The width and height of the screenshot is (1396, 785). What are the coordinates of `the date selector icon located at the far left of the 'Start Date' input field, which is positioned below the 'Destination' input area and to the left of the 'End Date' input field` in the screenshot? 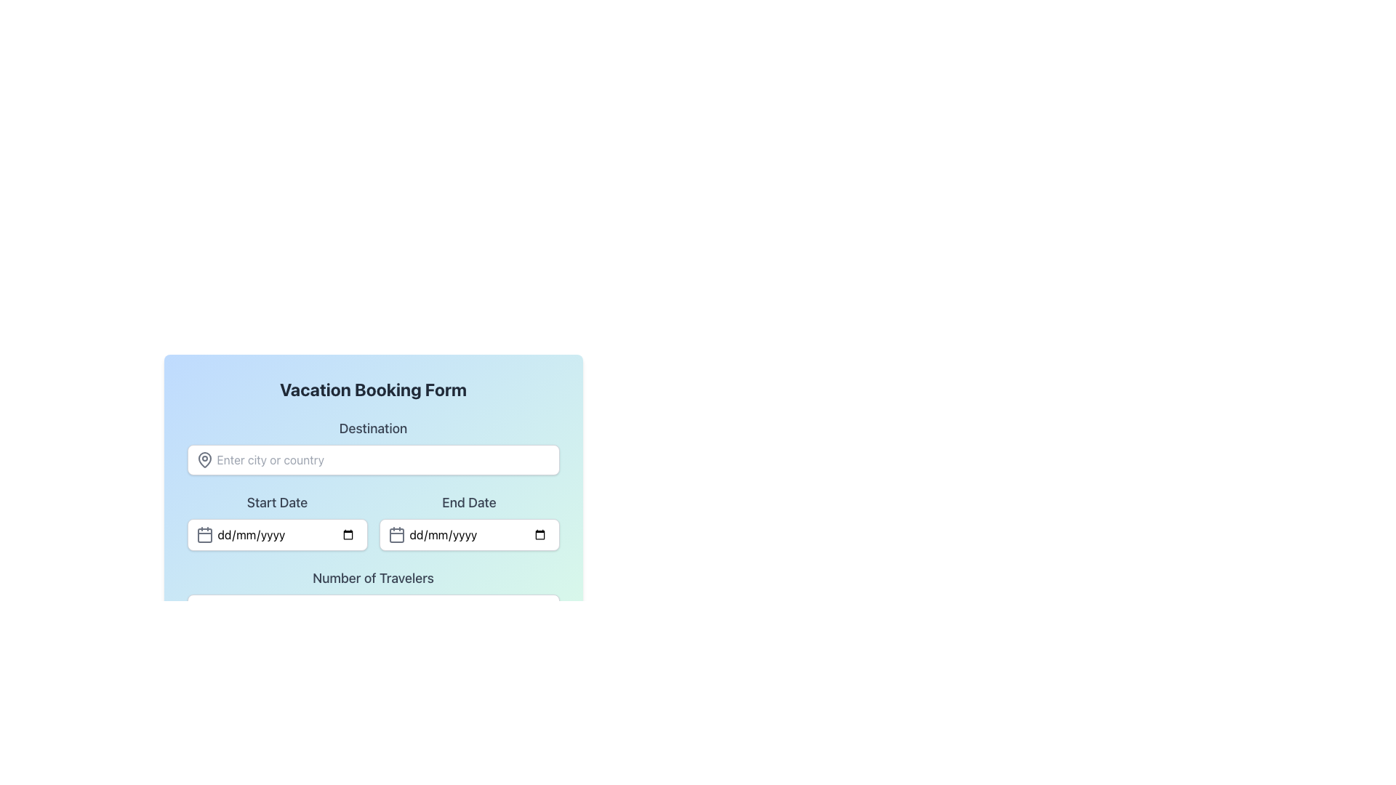 It's located at (204, 535).